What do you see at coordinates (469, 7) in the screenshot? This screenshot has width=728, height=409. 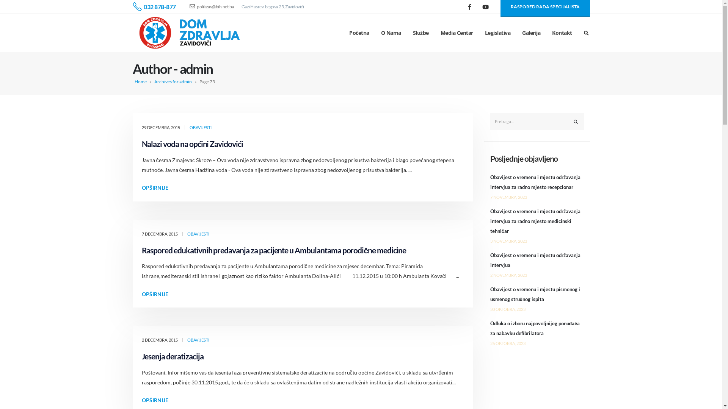 I see `'Facebook'` at bounding box center [469, 7].